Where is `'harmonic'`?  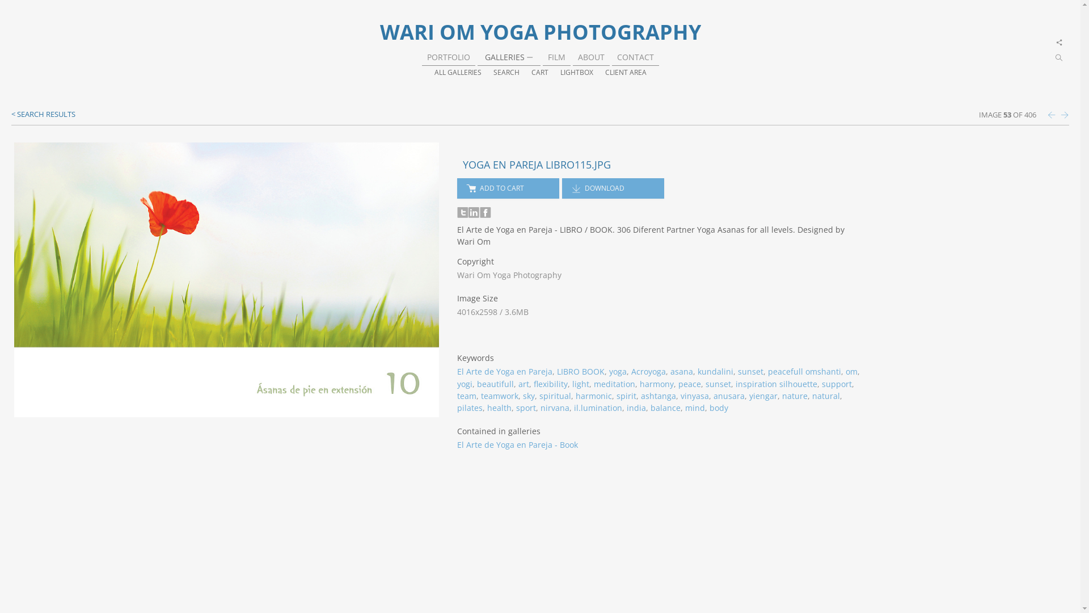 'harmonic' is located at coordinates (593, 395).